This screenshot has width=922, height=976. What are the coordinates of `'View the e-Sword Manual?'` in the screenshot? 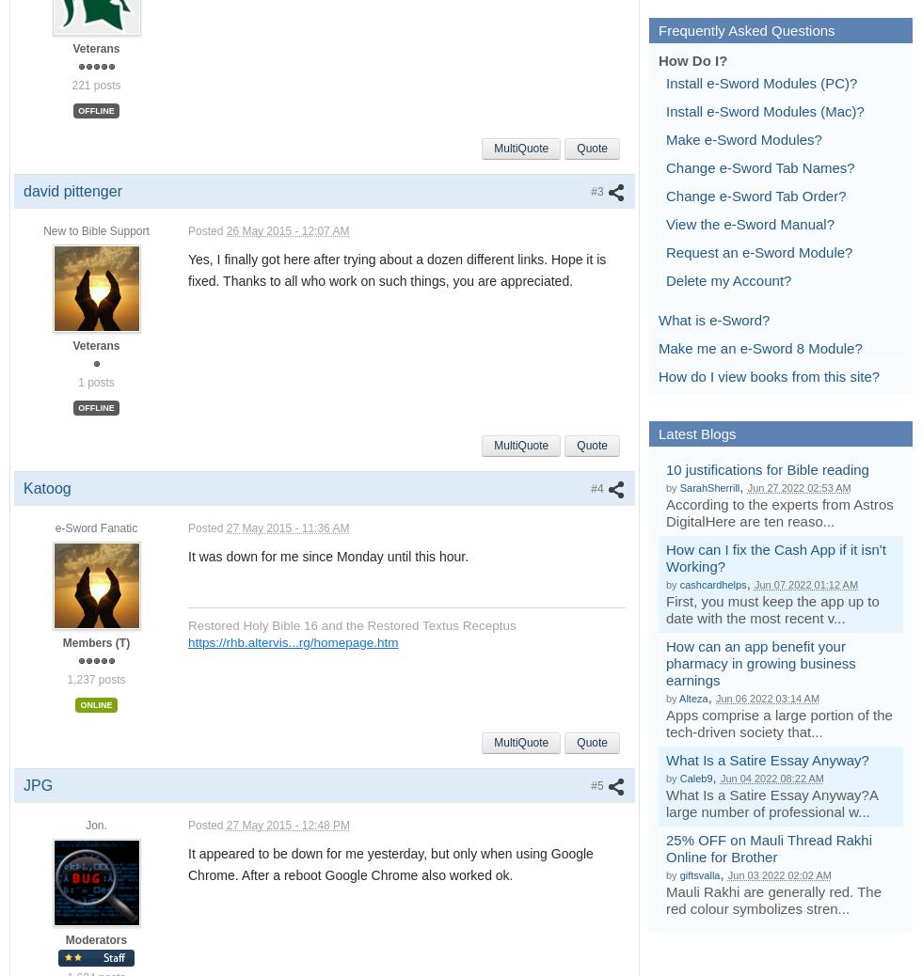 It's located at (750, 222).